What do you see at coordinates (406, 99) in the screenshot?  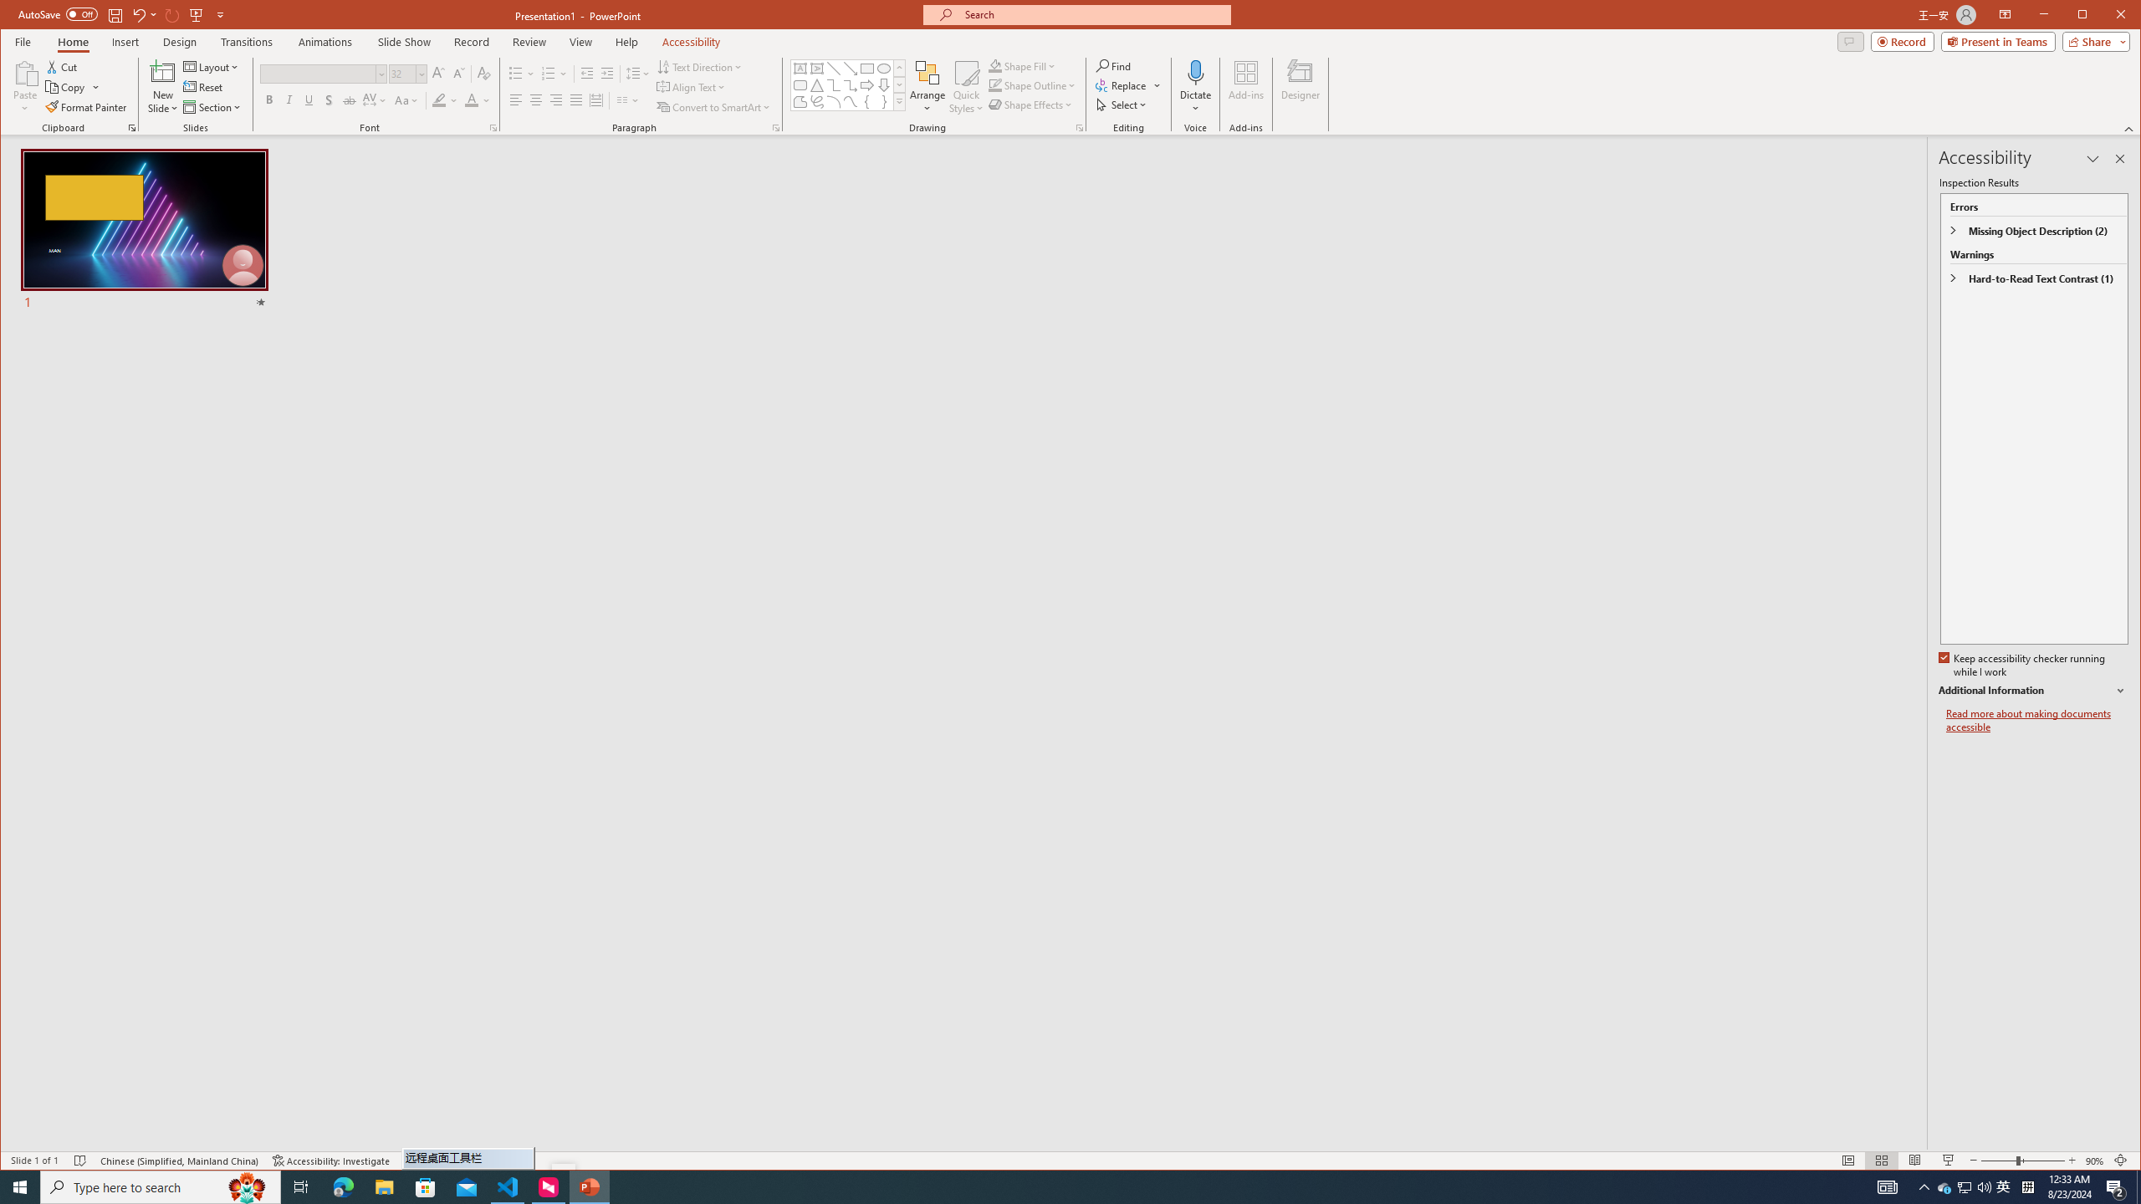 I see `'Change Case'` at bounding box center [406, 99].